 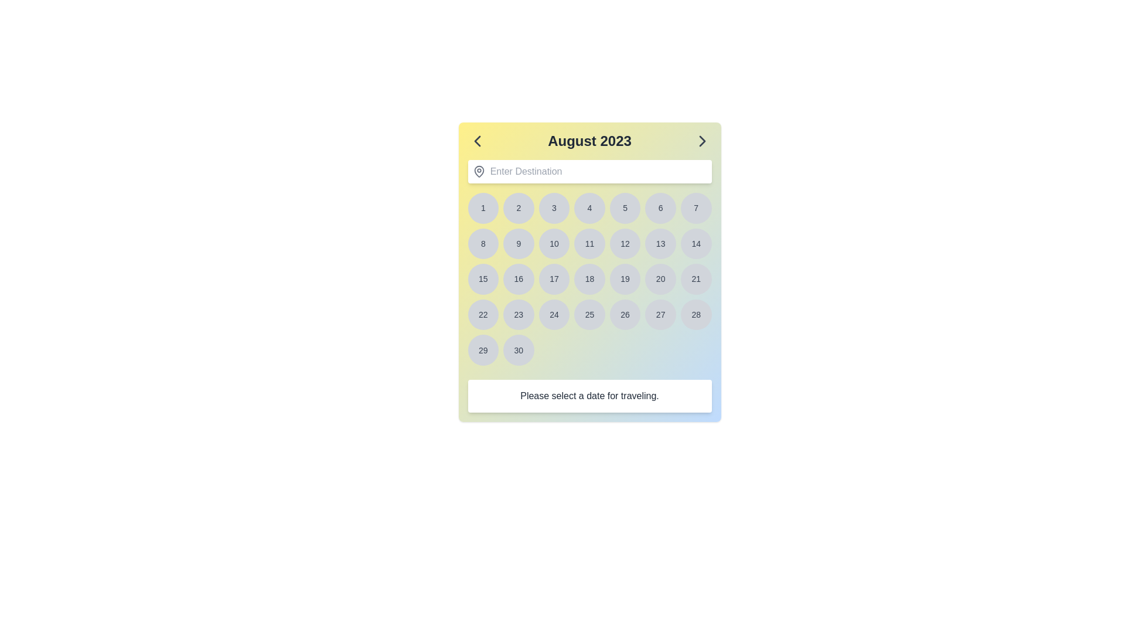 What do you see at coordinates (660, 314) in the screenshot?
I see `the button in the fourth row and sixth column of the calendar` at bounding box center [660, 314].